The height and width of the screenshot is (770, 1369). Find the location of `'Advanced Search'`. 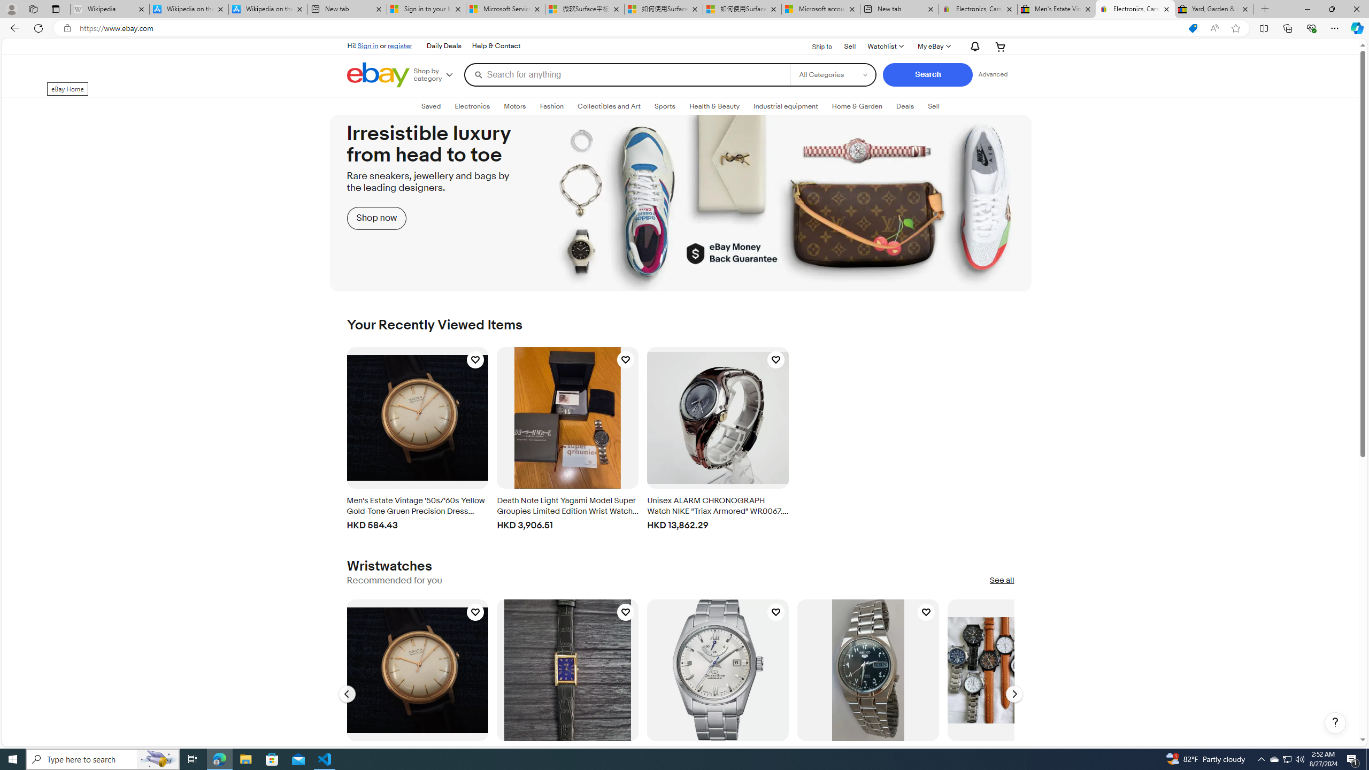

'Advanced Search' is located at coordinates (993, 74).